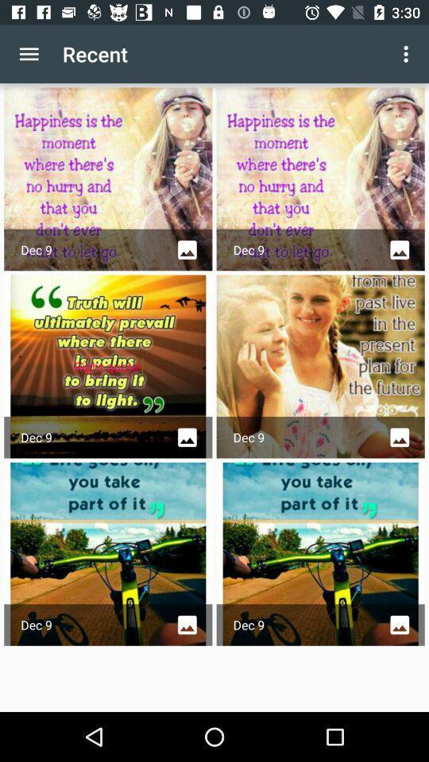 The image size is (429, 762). I want to click on icon above the dec 9 app, so click(408, 54).